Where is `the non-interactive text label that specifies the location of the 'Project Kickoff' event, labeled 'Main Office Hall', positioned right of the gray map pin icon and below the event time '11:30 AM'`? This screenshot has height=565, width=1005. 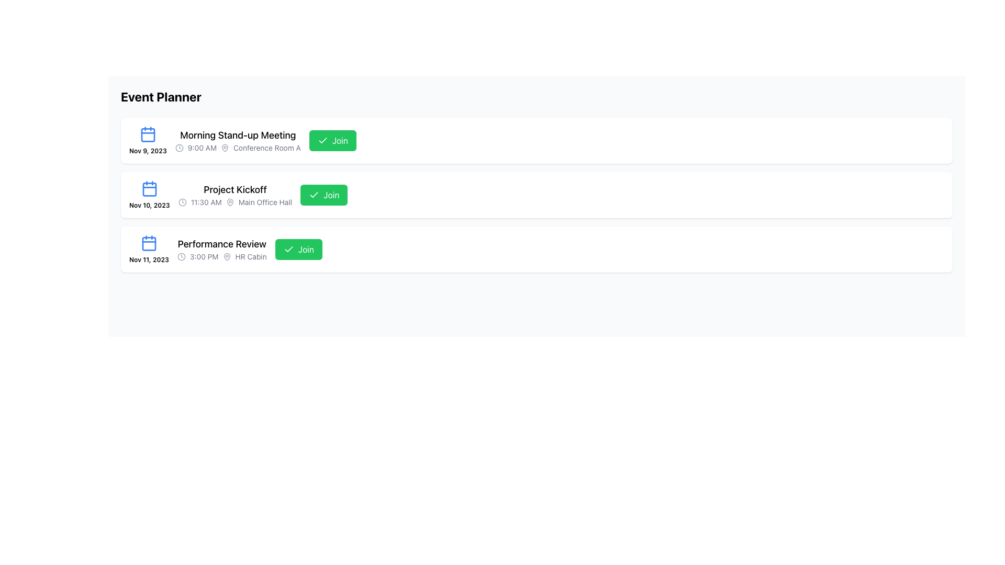 the non-interactive text label that specifies the location of the 'Project Kickoff' event, labeled 'Main Office Hall', positioned right of the gray map pin icon and below the event time '11:30 AM' is located at coordinates (265, 202).